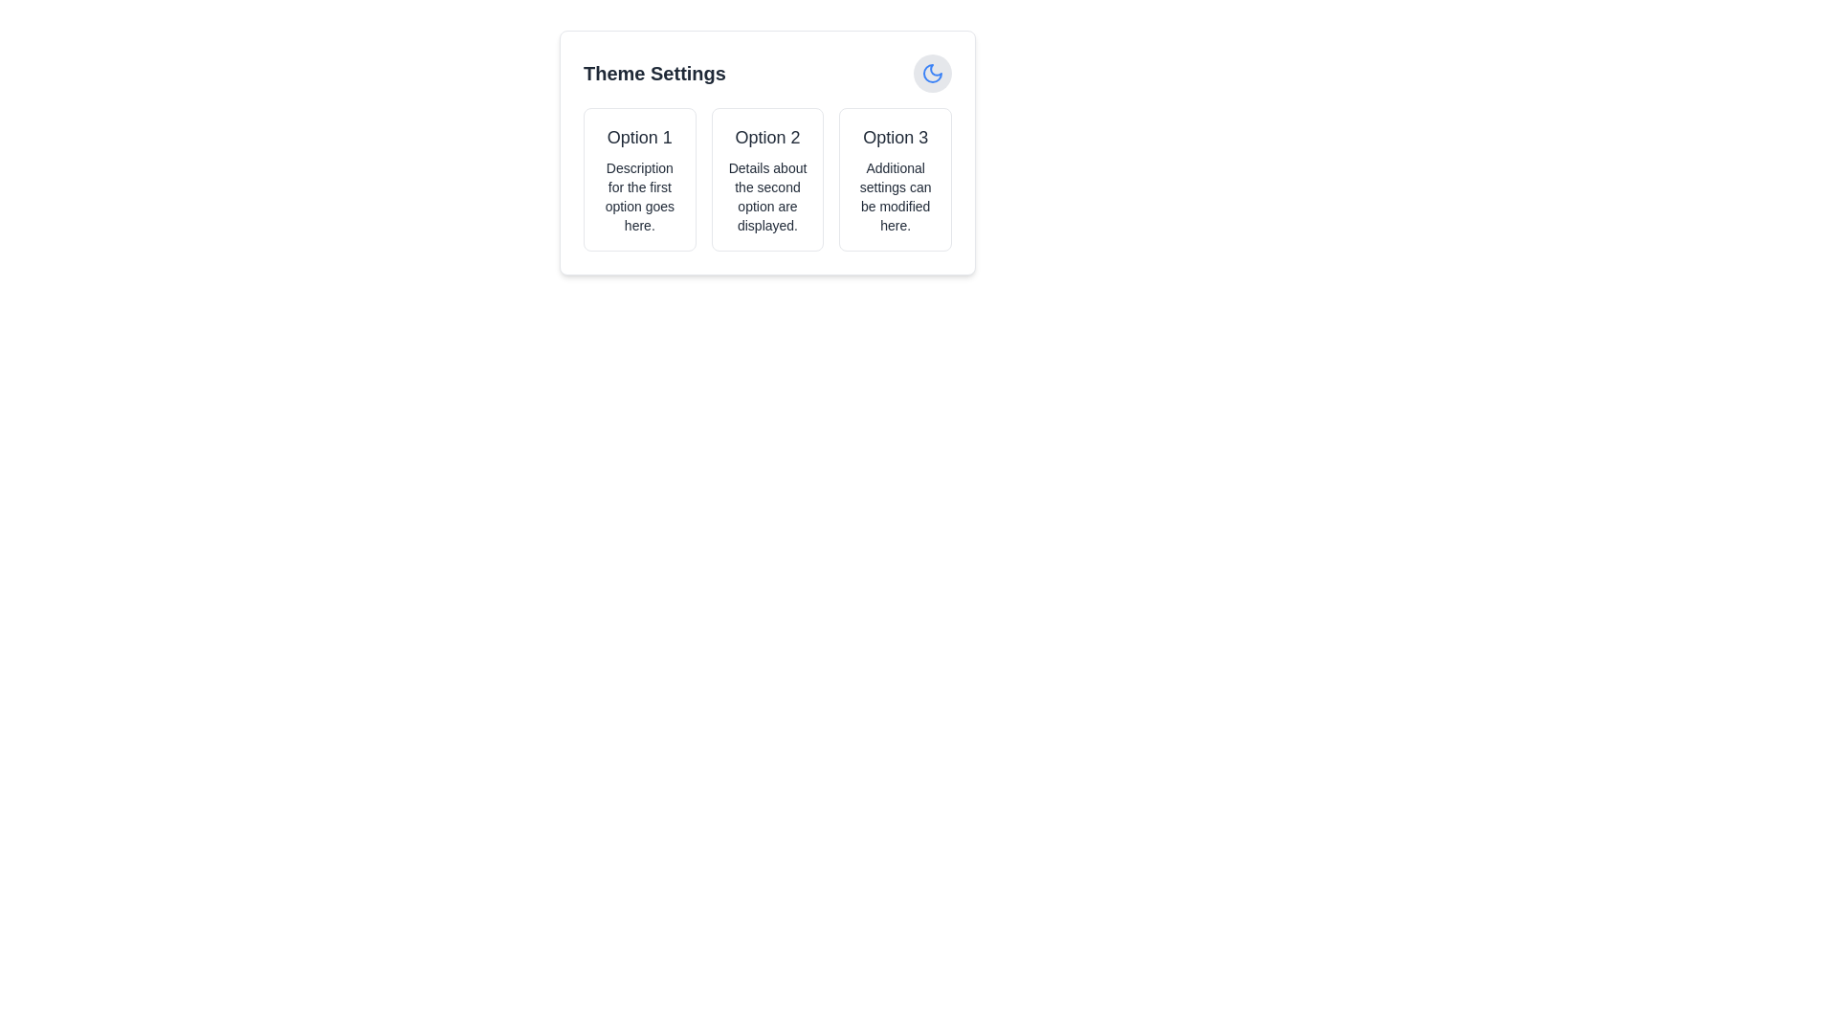 This screenshot has height=1033, width=1837. Describe the element at coordinates (639, 196) in the screenshot. I see `the text element that contains the string 'Description for the first option goes here.' which is styled with a smaller font size and is located below the heading 'Option 1' in the 'Theme Settings' section` at that location.